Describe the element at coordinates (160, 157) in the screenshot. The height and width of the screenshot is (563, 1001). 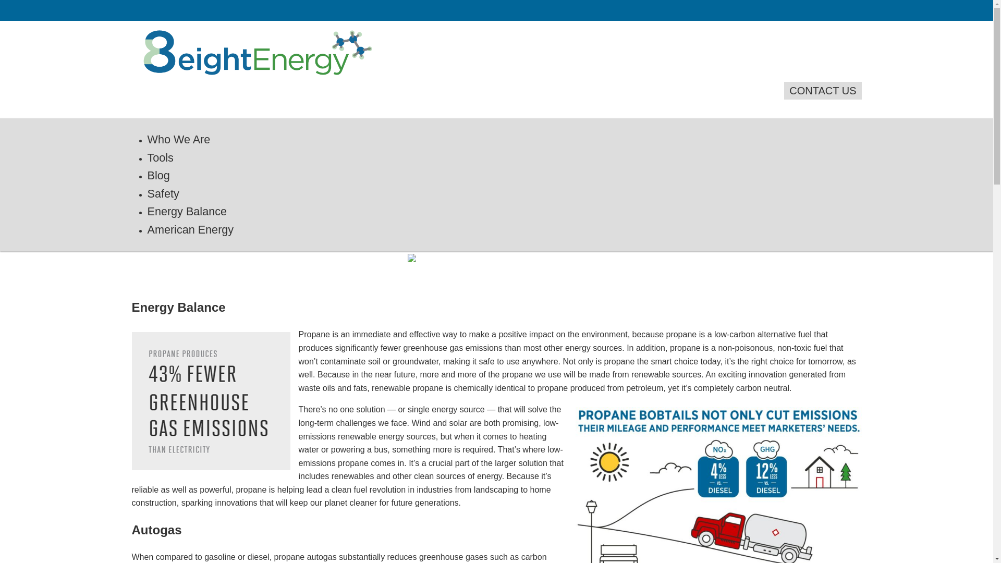
I see `'Tools'` at that location.